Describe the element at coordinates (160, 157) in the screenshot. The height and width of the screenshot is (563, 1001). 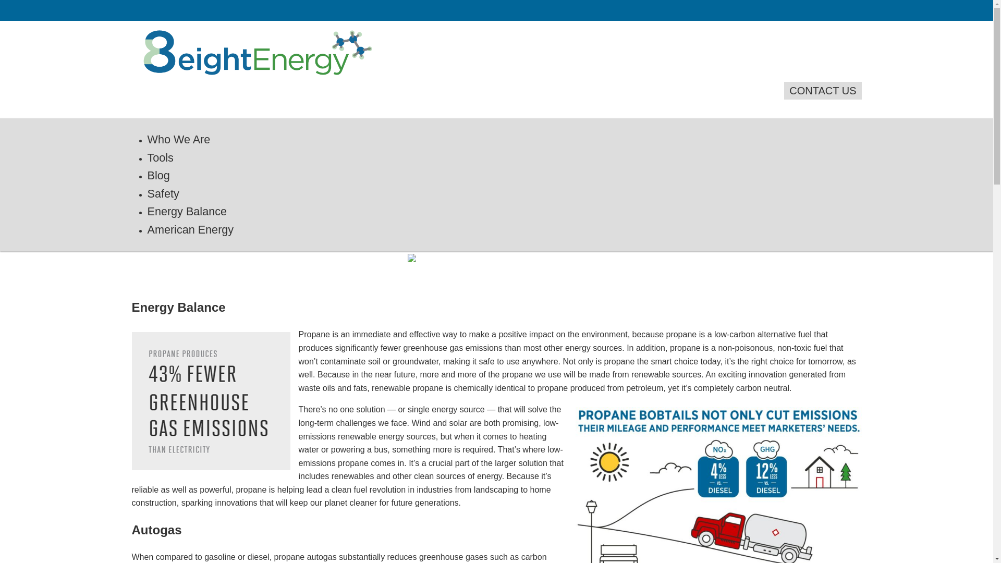
I see `'Tools'` at that location.